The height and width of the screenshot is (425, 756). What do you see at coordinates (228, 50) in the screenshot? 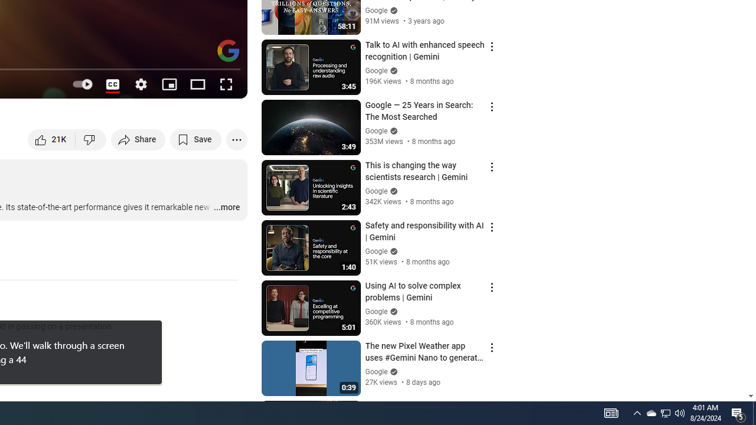
I see `'Channel watermark'` at bounding box center [228, 50].